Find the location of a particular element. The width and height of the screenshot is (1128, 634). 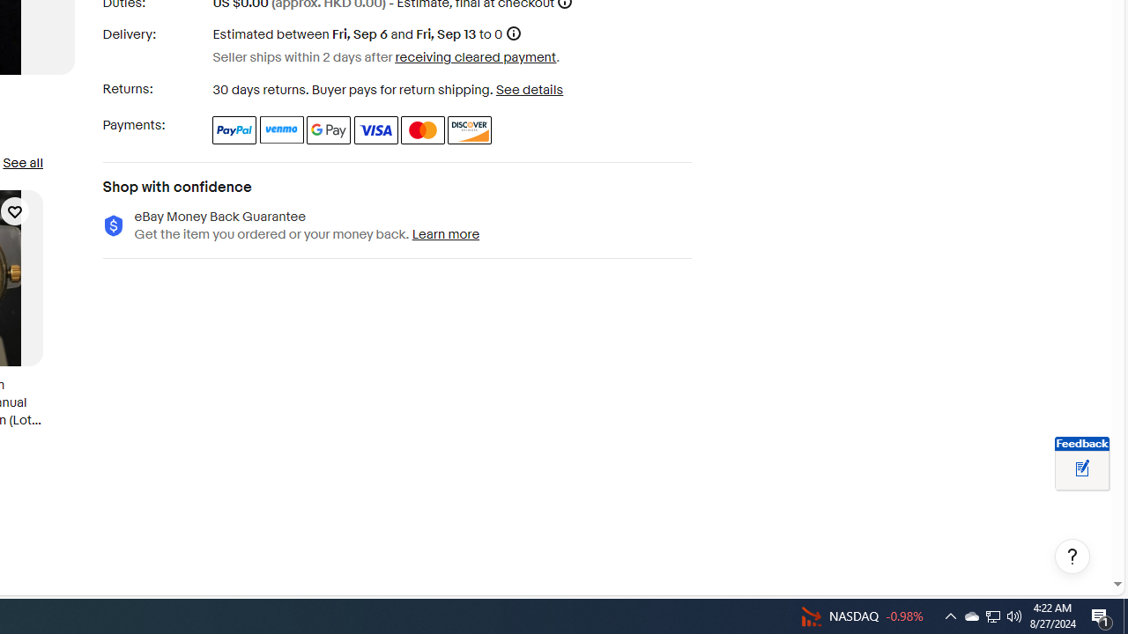

'Help, opens dialogs' is located at coordinates (1072, 557).